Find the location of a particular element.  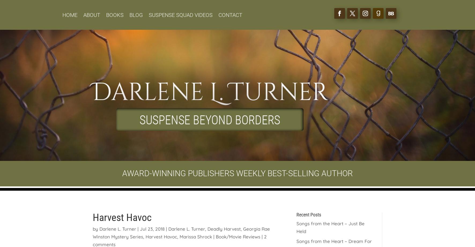

'Songs from the Heart – Just Be Held' is located at coordinates (330, 227).